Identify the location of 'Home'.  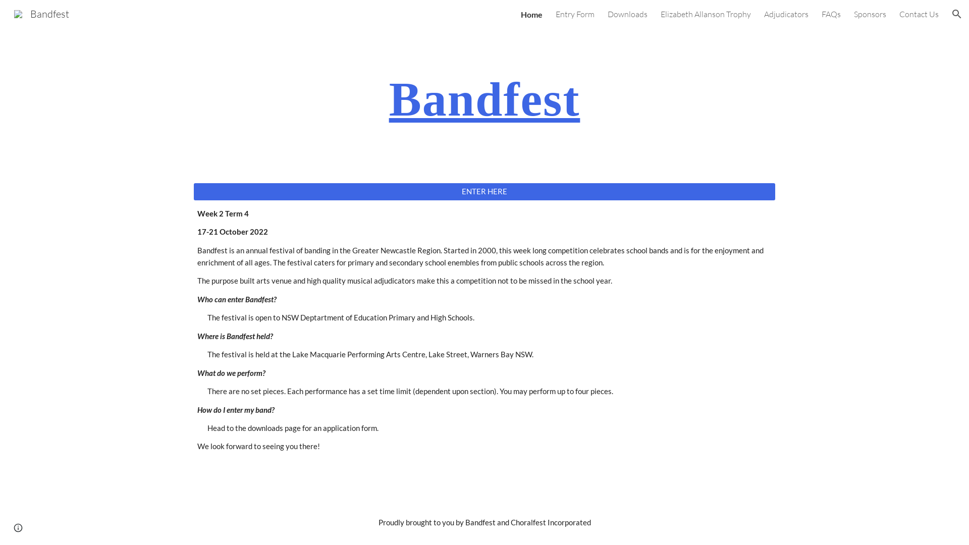
(531, 14).